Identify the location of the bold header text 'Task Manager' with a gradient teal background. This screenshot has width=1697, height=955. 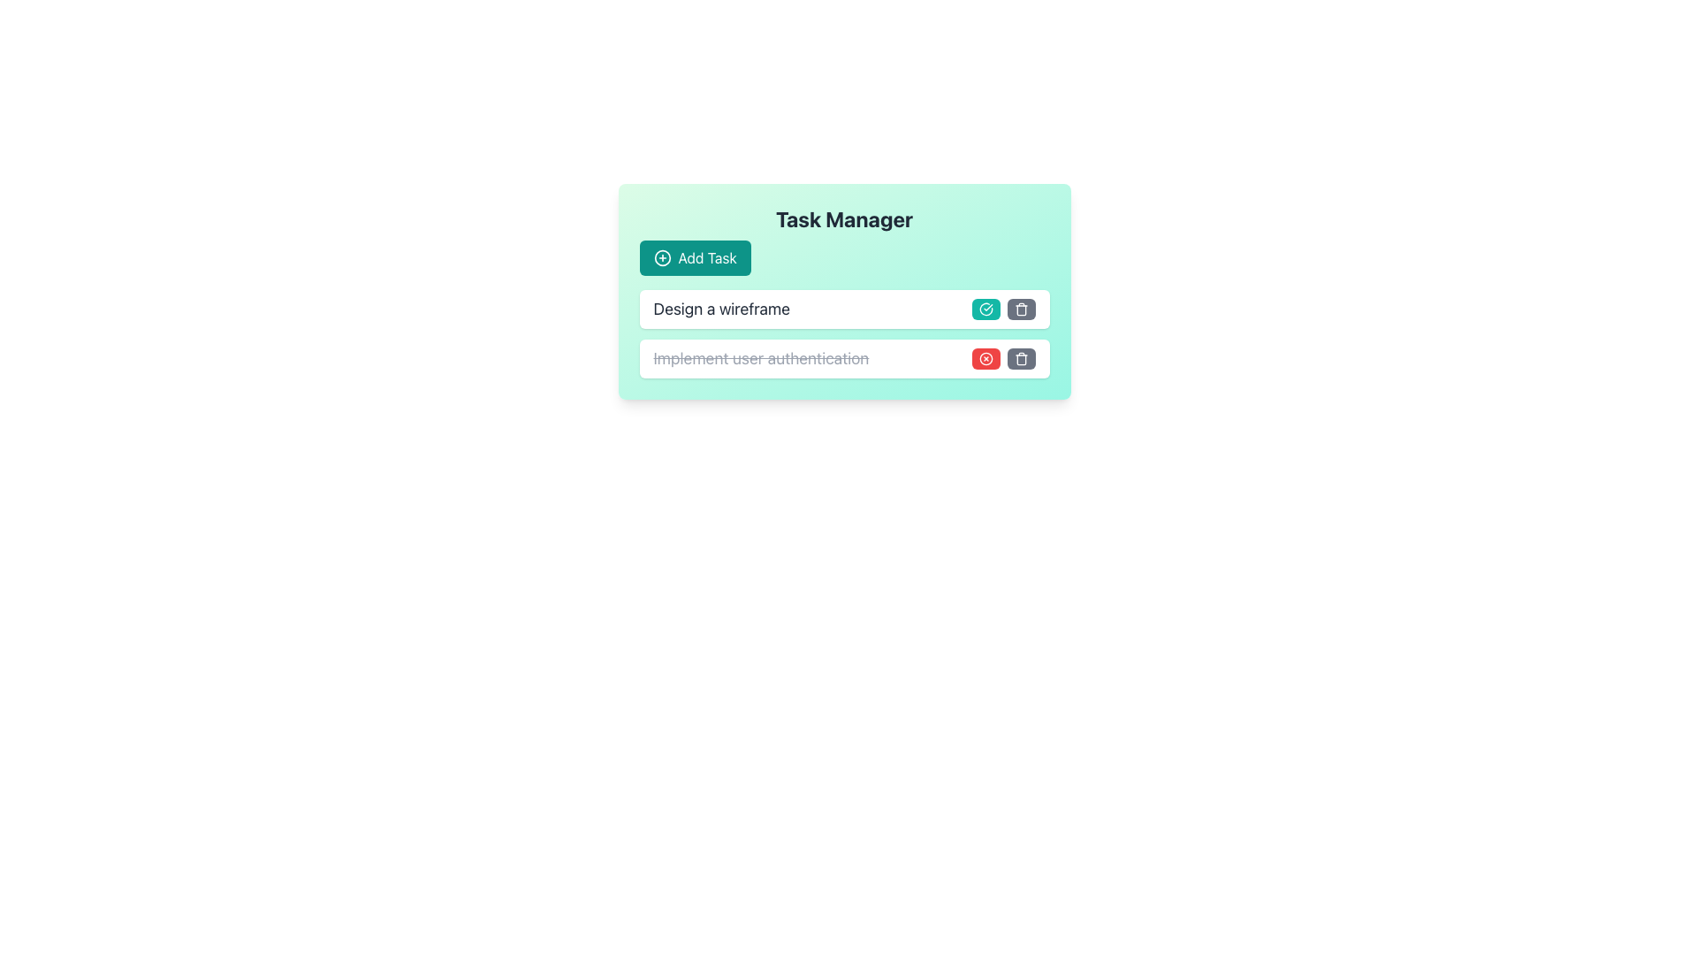
(843, 218).